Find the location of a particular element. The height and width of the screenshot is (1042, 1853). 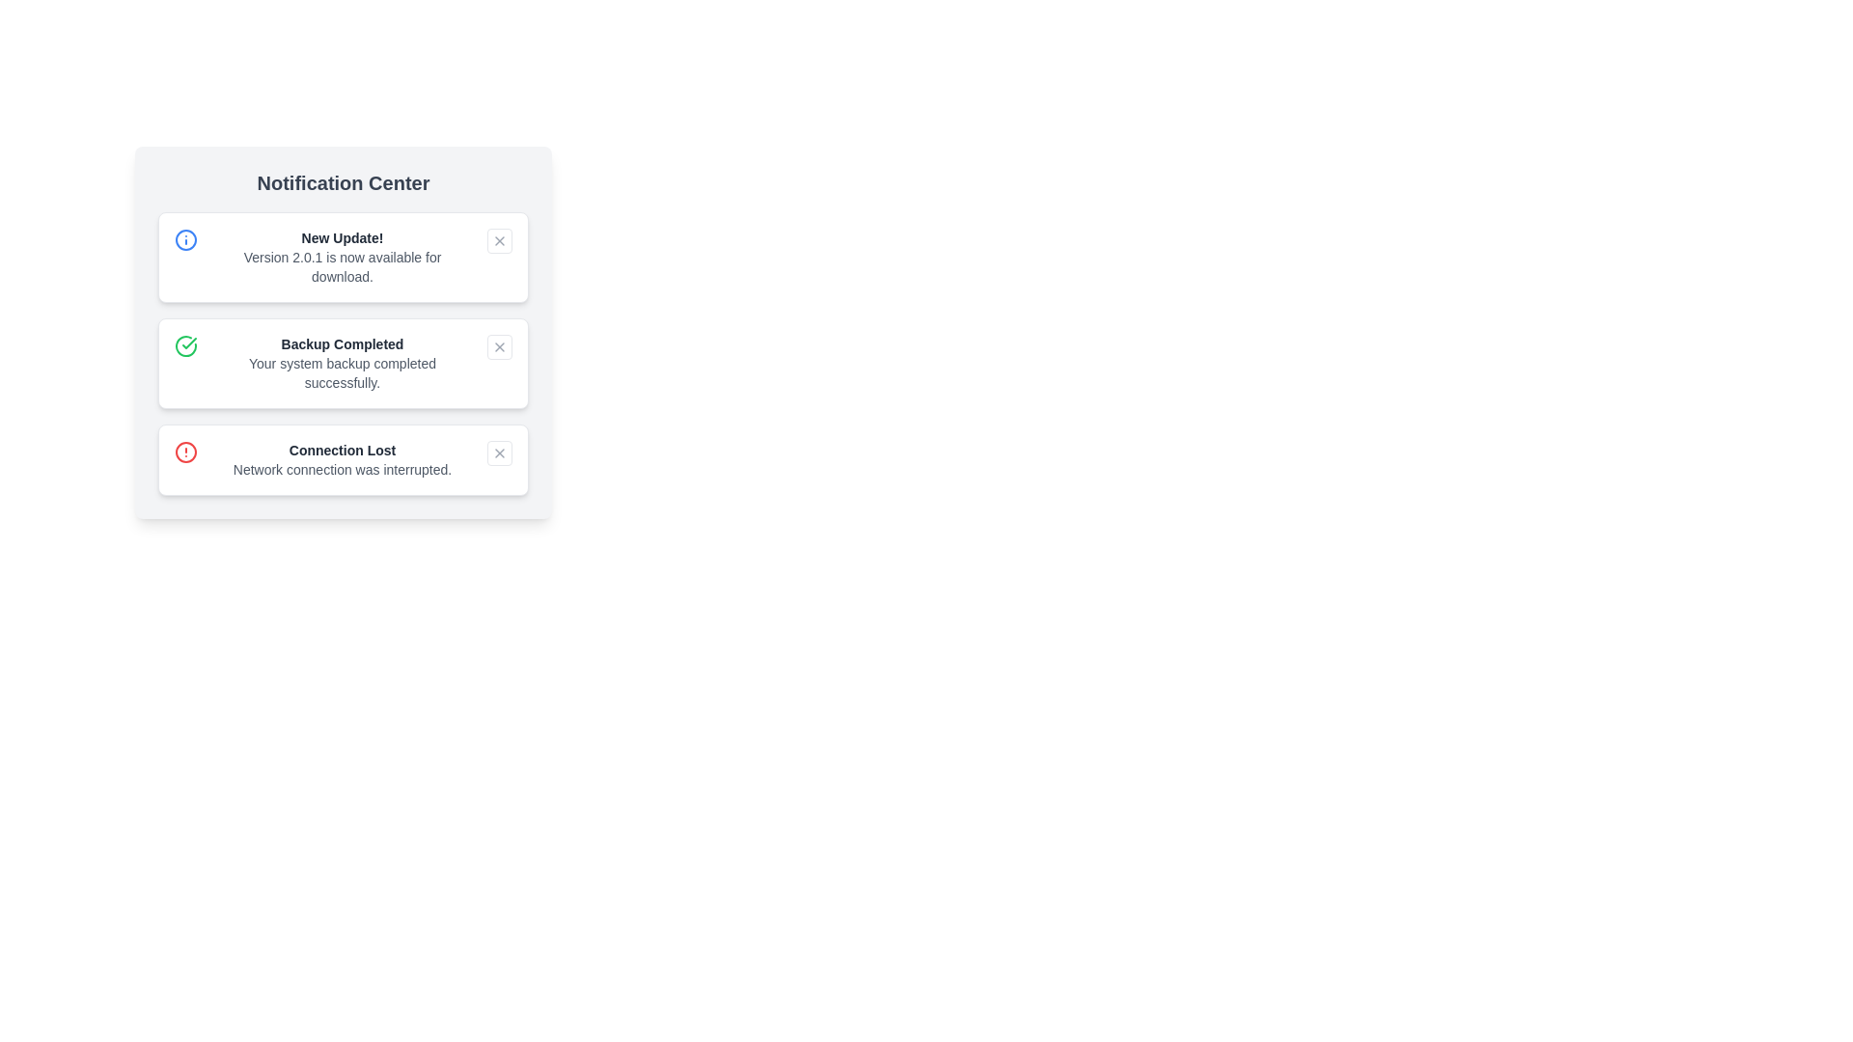

the second notification in the Notification Center that indicates the successful completion of a system backup task is located at coordinates (343, 364).